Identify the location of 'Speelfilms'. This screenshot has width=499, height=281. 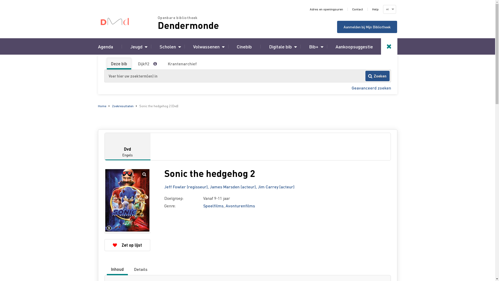
(213, 205).